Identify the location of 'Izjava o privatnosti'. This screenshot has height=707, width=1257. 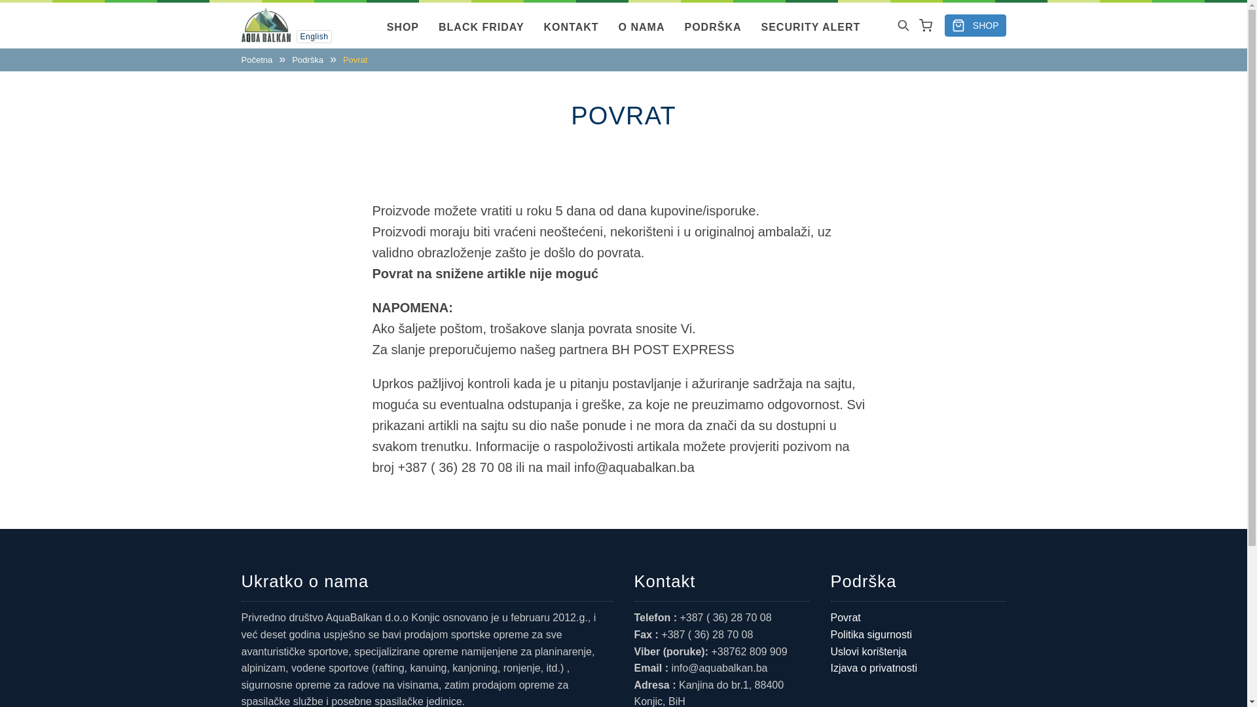
(917, 668).